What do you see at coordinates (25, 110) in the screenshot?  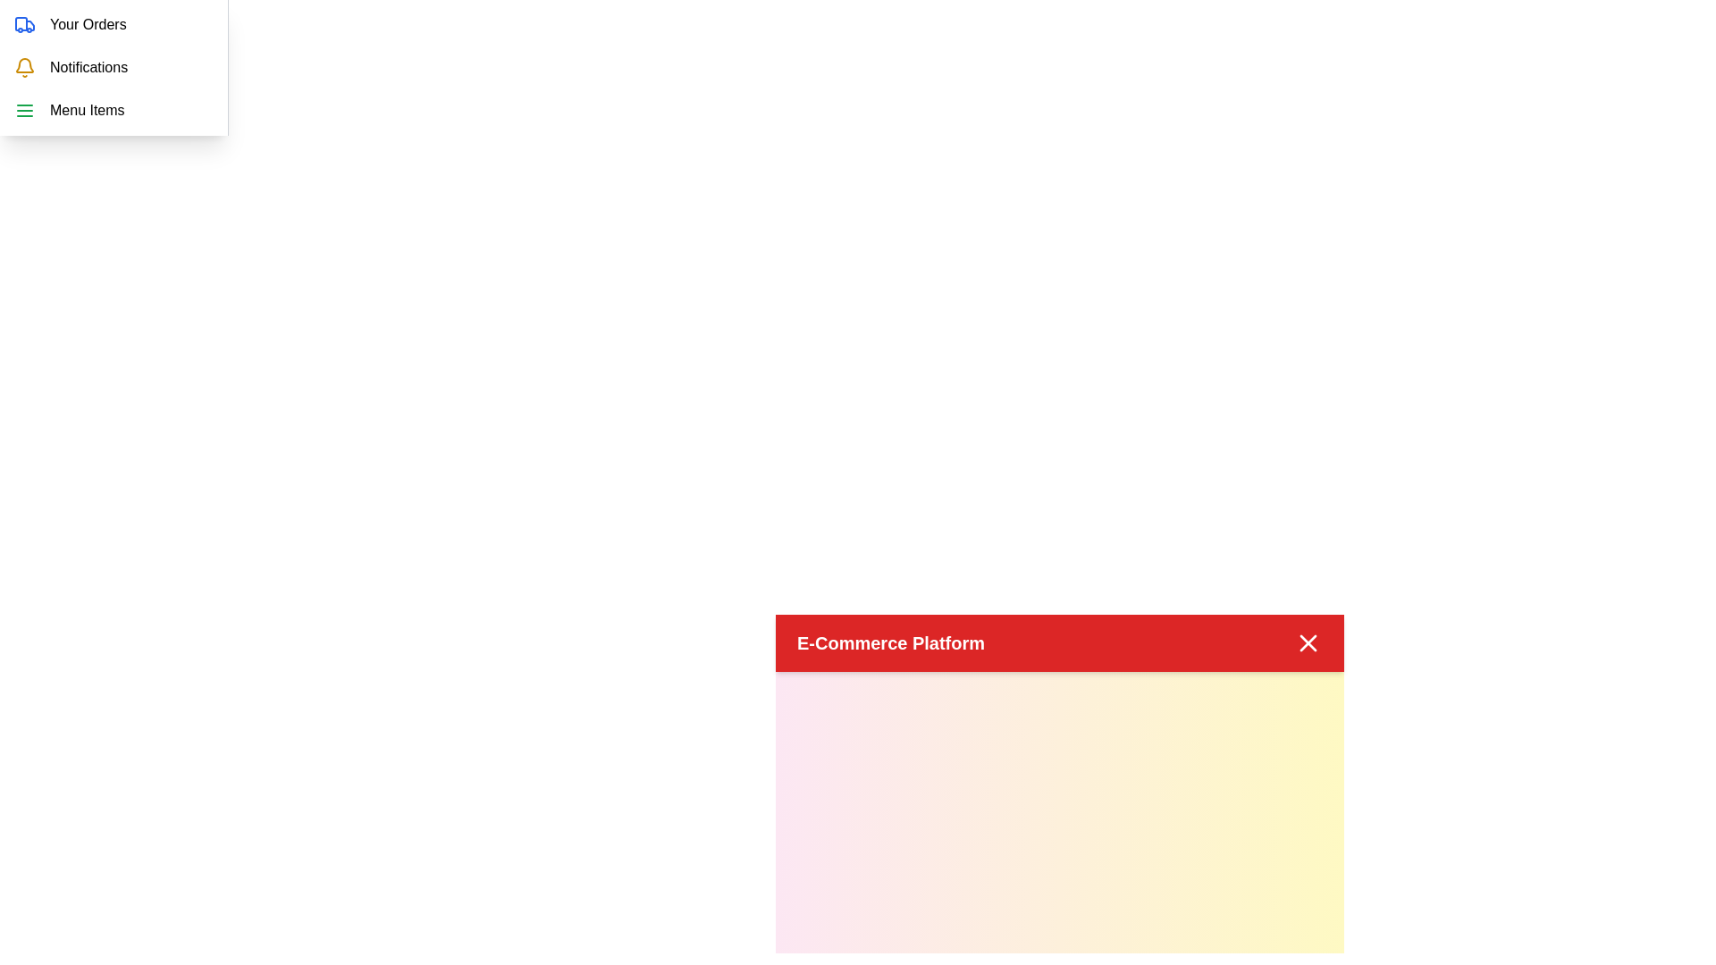 I see `the green menu icon consisting of three horizontal lines, located next to the text labeled 'Menu Items'` at bounding box center [25, 110].